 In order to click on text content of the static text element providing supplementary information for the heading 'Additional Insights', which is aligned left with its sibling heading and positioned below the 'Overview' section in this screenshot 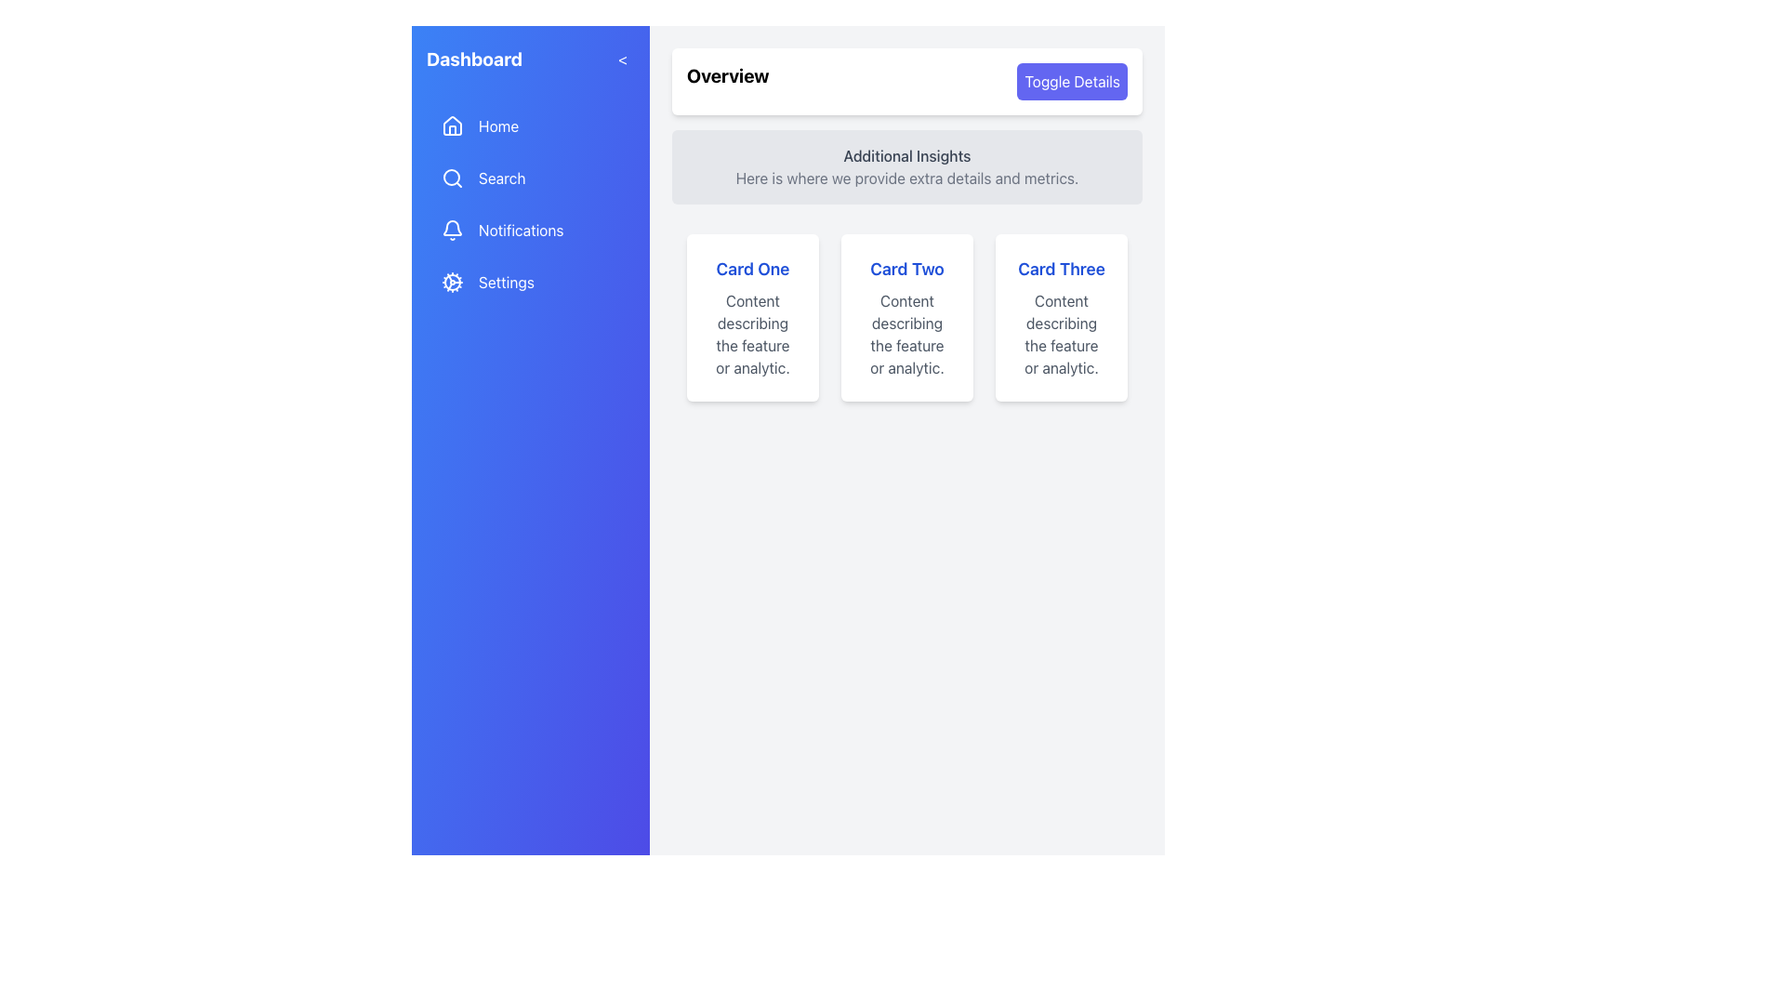, I will do `click(906, 178)`.